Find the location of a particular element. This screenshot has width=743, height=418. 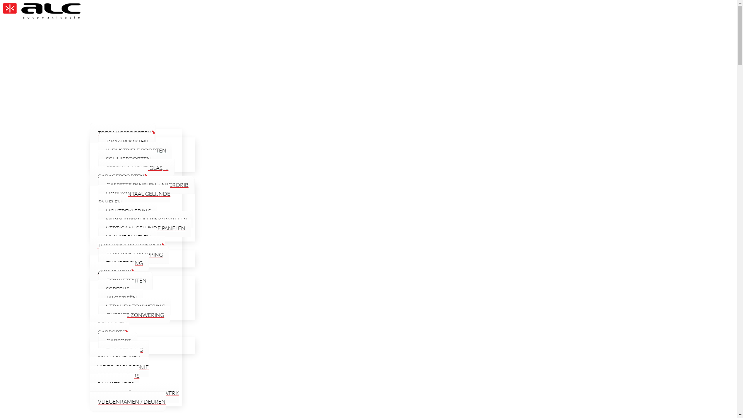

'TERRASOVERKAPPING' is located at coordinates (98, 254).